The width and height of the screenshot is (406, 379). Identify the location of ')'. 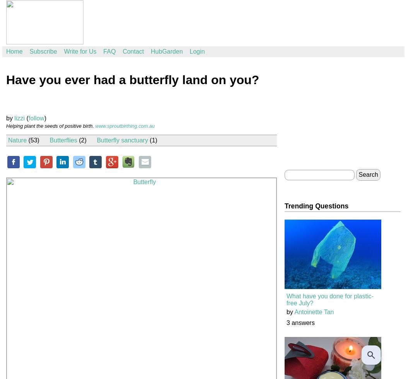
(44, 118).